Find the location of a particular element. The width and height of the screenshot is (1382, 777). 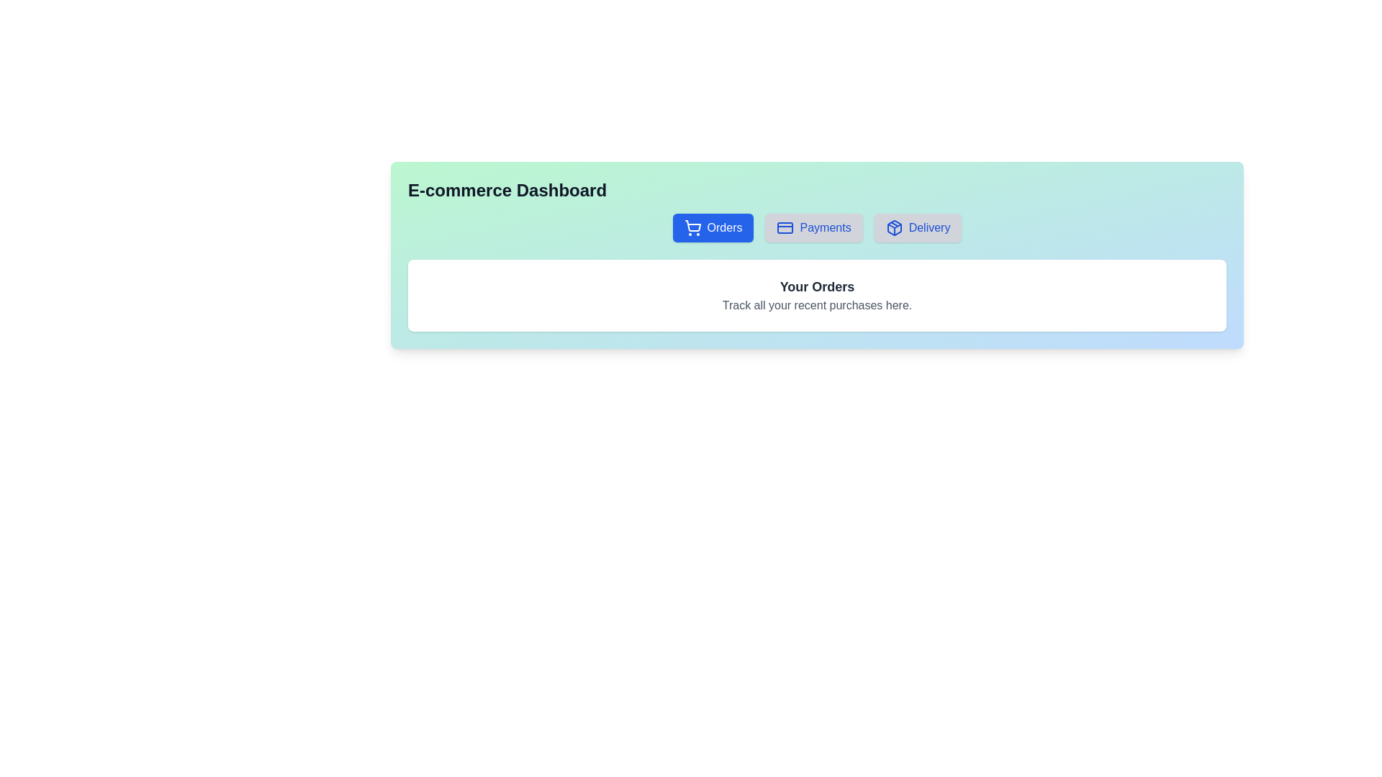

the shopping cart icon representing the 'Orders' button in the header area of the interface is located at coordinates (692, 226).